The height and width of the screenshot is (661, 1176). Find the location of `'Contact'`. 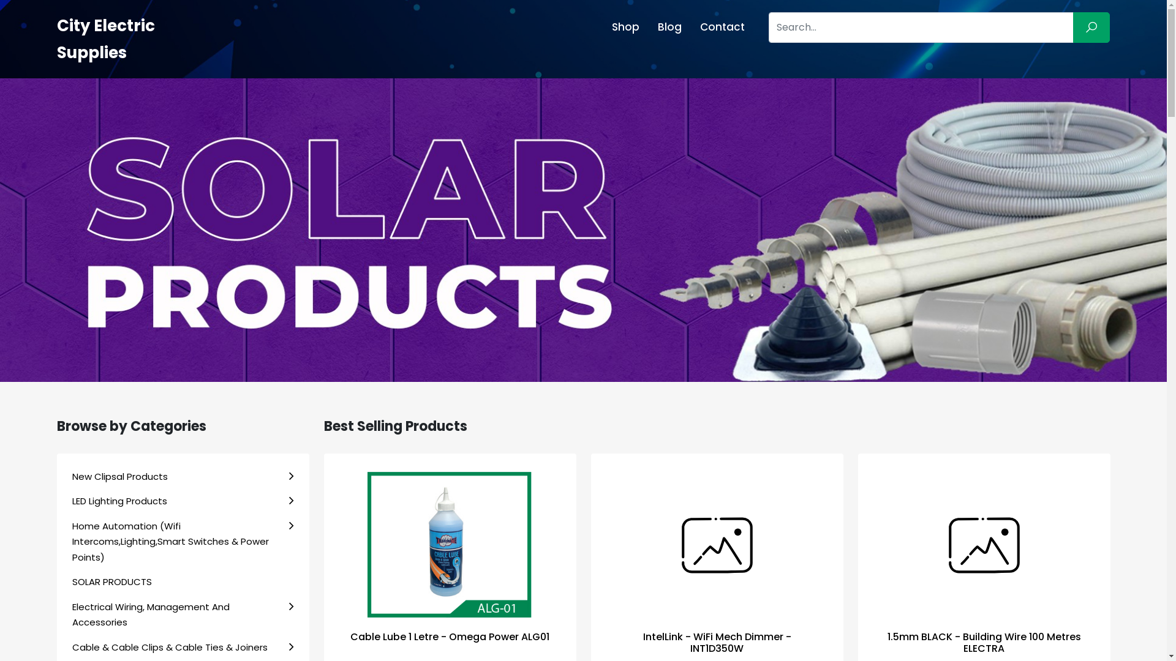

'Contact' is located at coordinates (691, 27).